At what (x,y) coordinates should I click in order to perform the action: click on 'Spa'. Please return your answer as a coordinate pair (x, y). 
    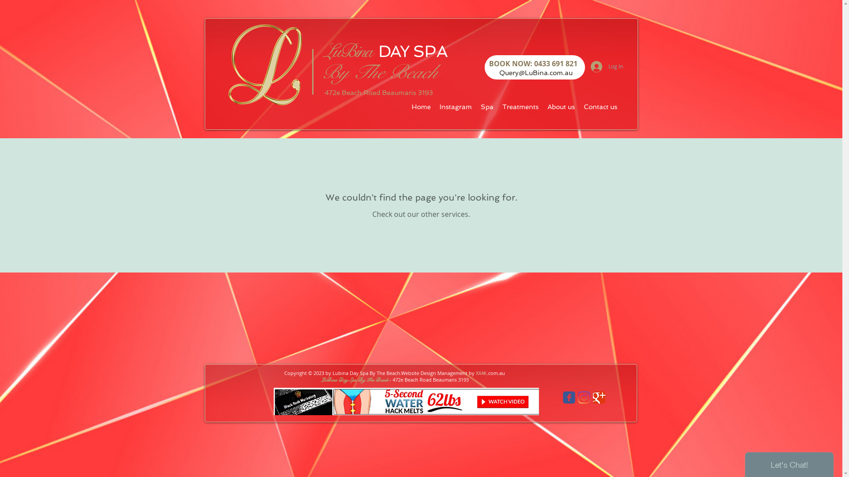
    Looking at the image, I should click on (486, 106).